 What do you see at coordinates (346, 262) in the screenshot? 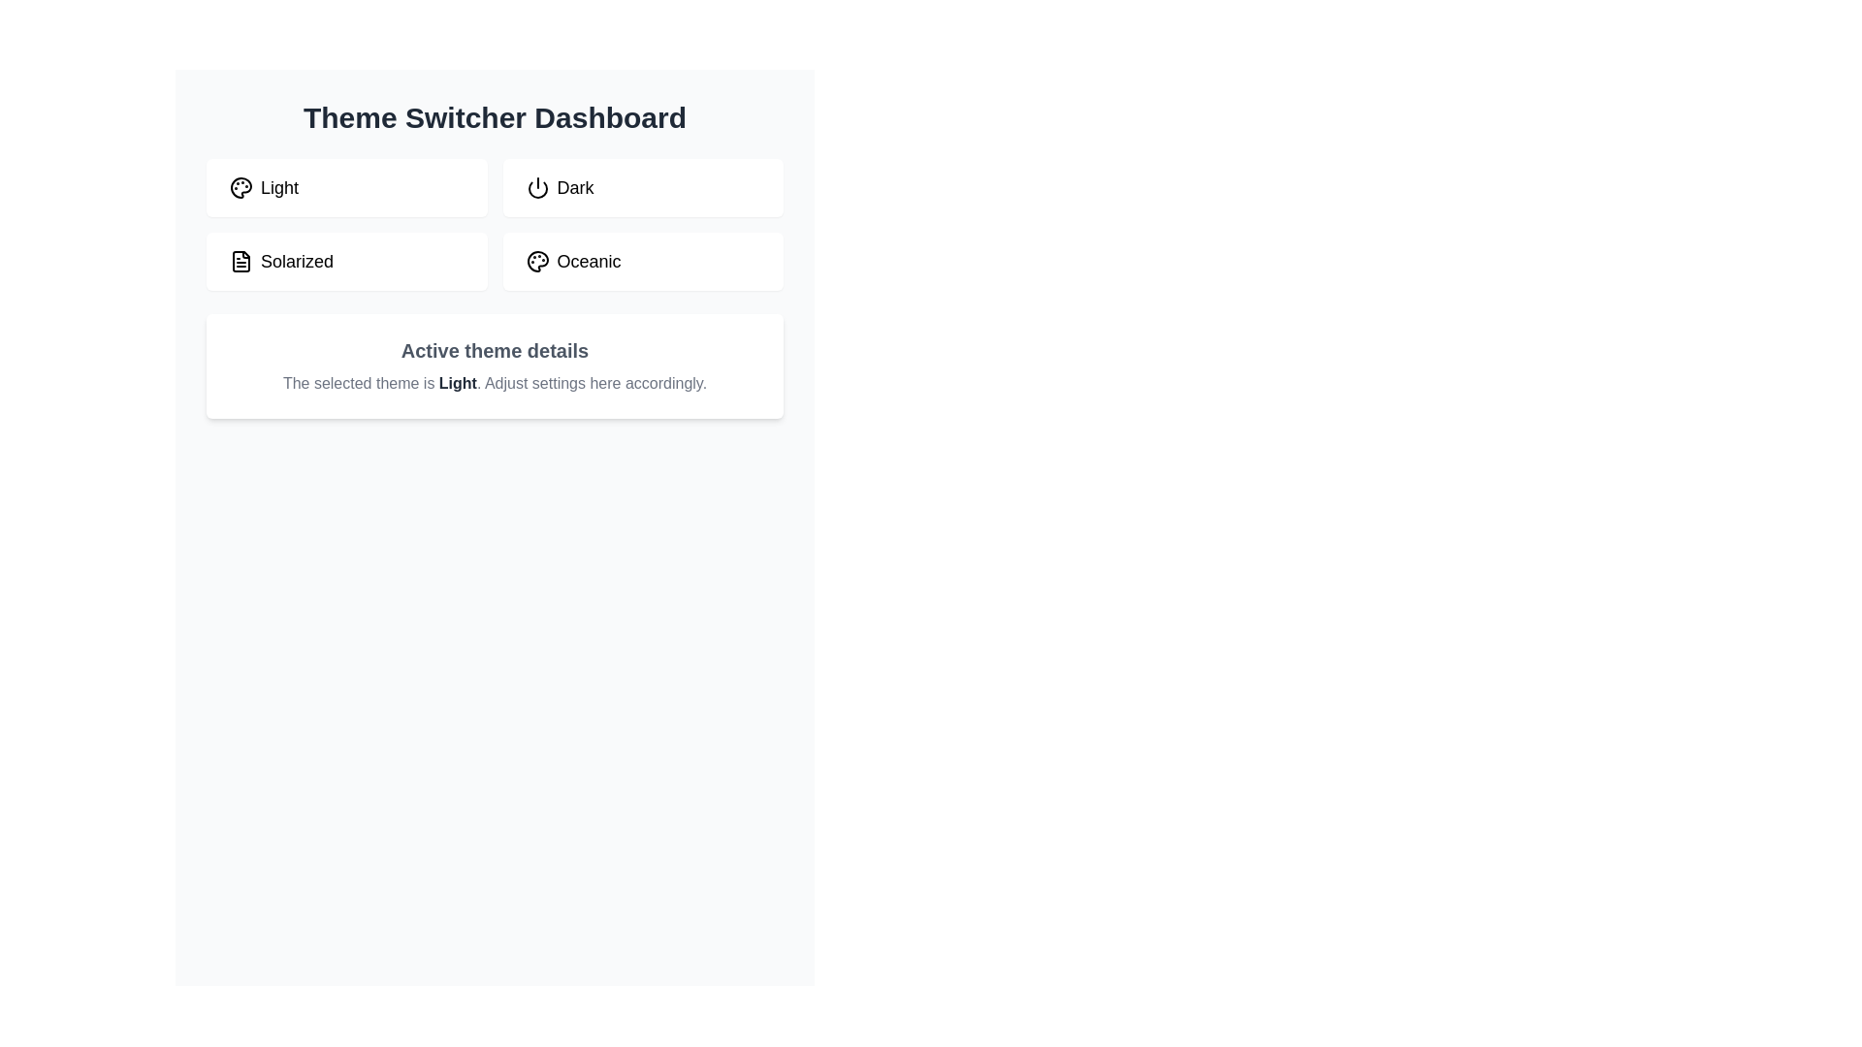
I see `the 'Solarized' theme button located in the 'Theme Switcher Dashboard' section to trigger potential hover effects` at bounding box center [346, 262].